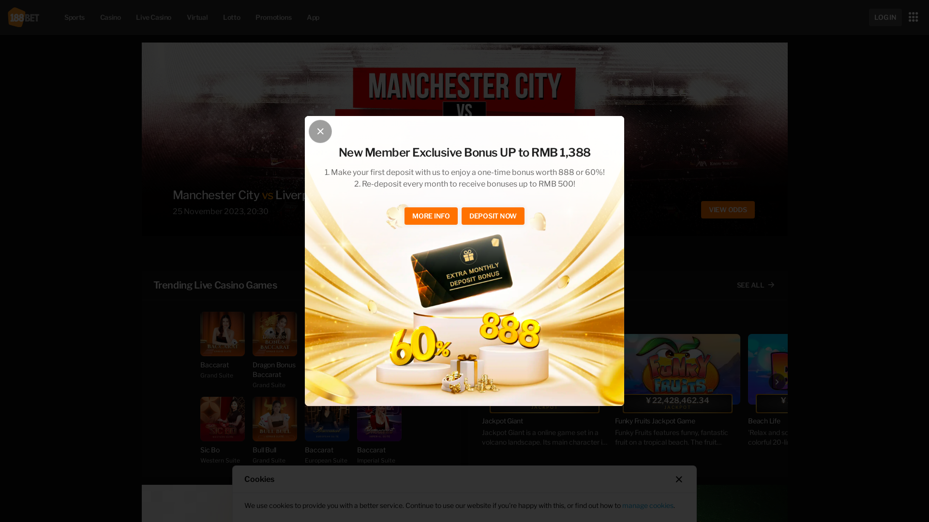  Describe the element at coordinates (721, 209) in the screenshot. I see `'VIEW ODDS'` at that location.